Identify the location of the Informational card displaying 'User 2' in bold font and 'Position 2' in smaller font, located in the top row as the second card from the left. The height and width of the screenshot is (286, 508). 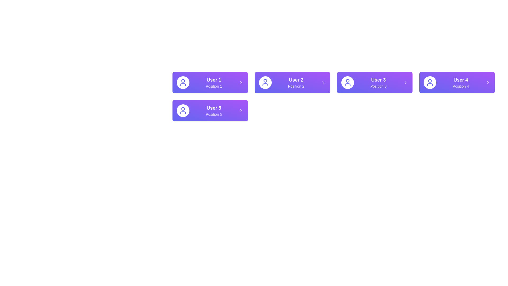
(296, 83).